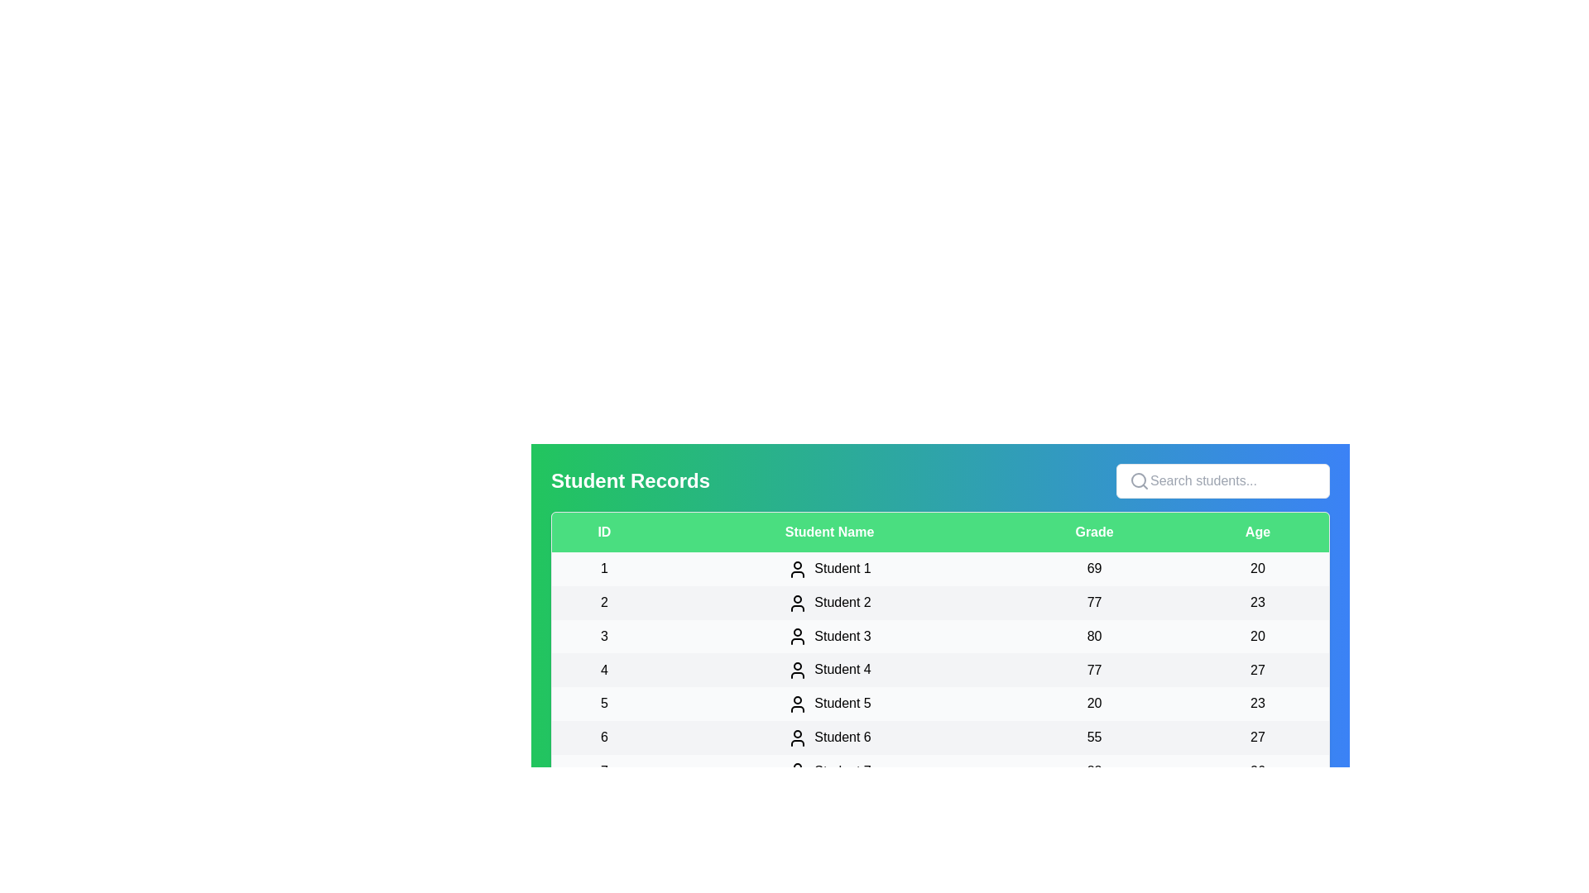  Describe the element at coordinates (829, 532) in the screenshot. I see `the column header Student Name to sort the table by that column` at that location.